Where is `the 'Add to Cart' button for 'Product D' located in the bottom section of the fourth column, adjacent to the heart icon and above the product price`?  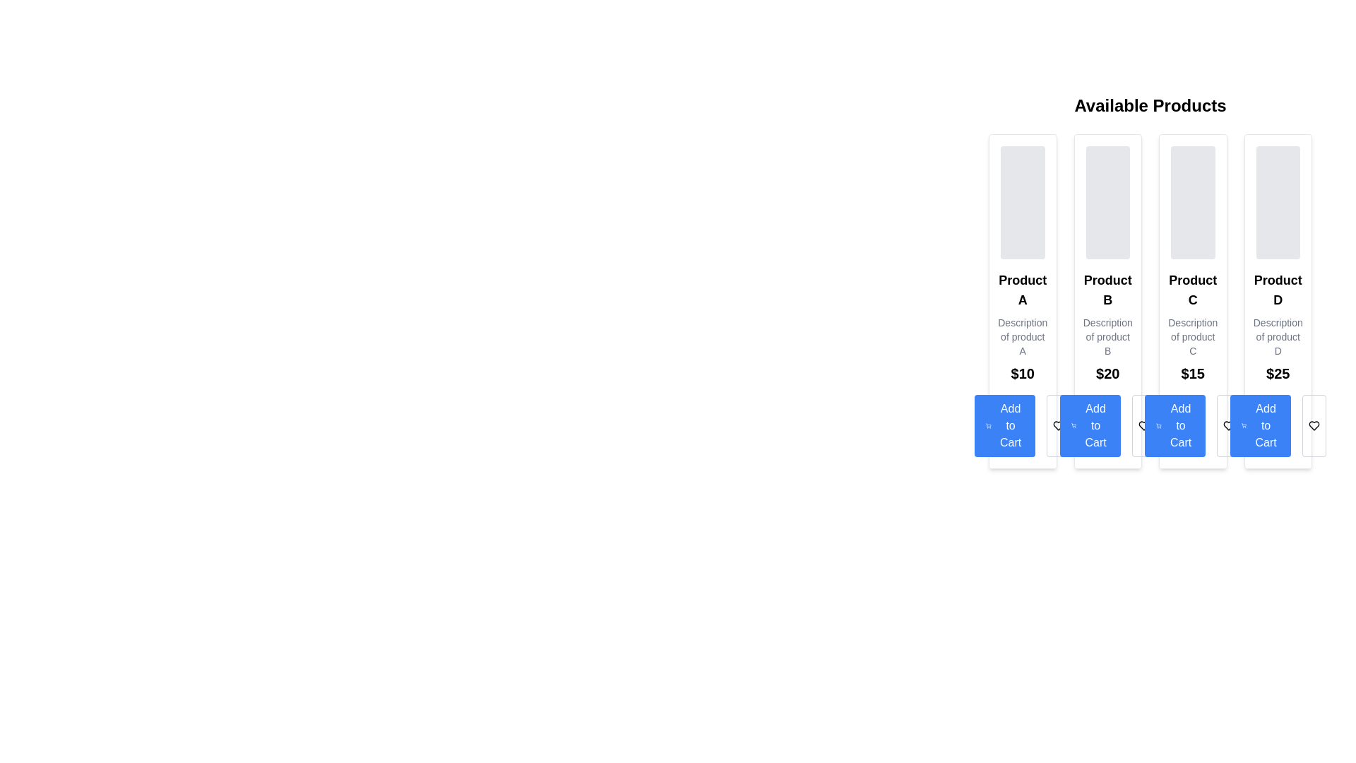
the 'Add to Cart' button for 'Product D' located in the bottom section of the fourth column, adjacent to the heart icon and above the product price is located at coordinates (1260, 425).